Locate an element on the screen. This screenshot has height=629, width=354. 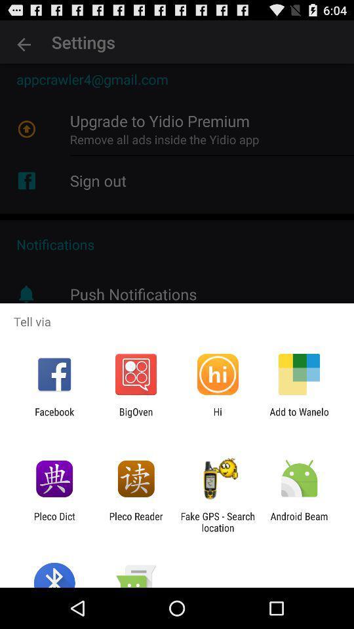
bigoven icon is located at coordinates (135, 417).